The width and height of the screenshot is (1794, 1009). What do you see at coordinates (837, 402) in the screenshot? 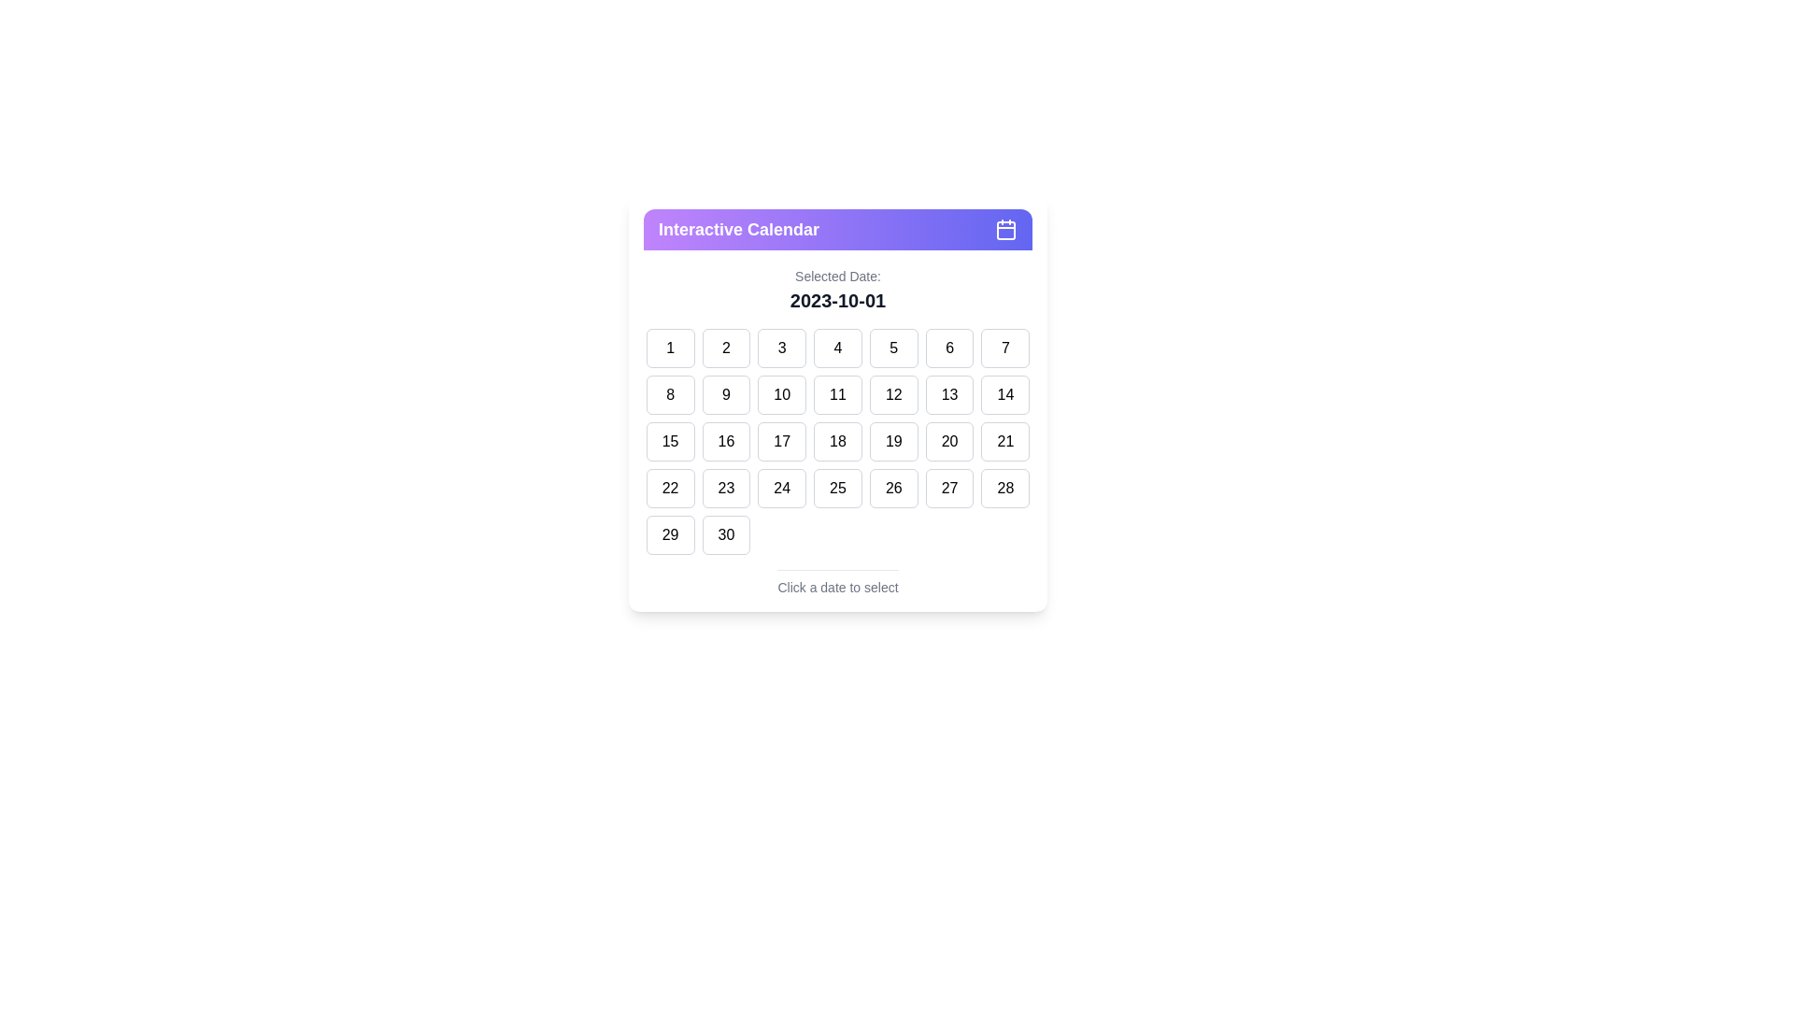
I see `a date in the grid of the 'Interactive Calendar' component` at bounding box center [837, 402].